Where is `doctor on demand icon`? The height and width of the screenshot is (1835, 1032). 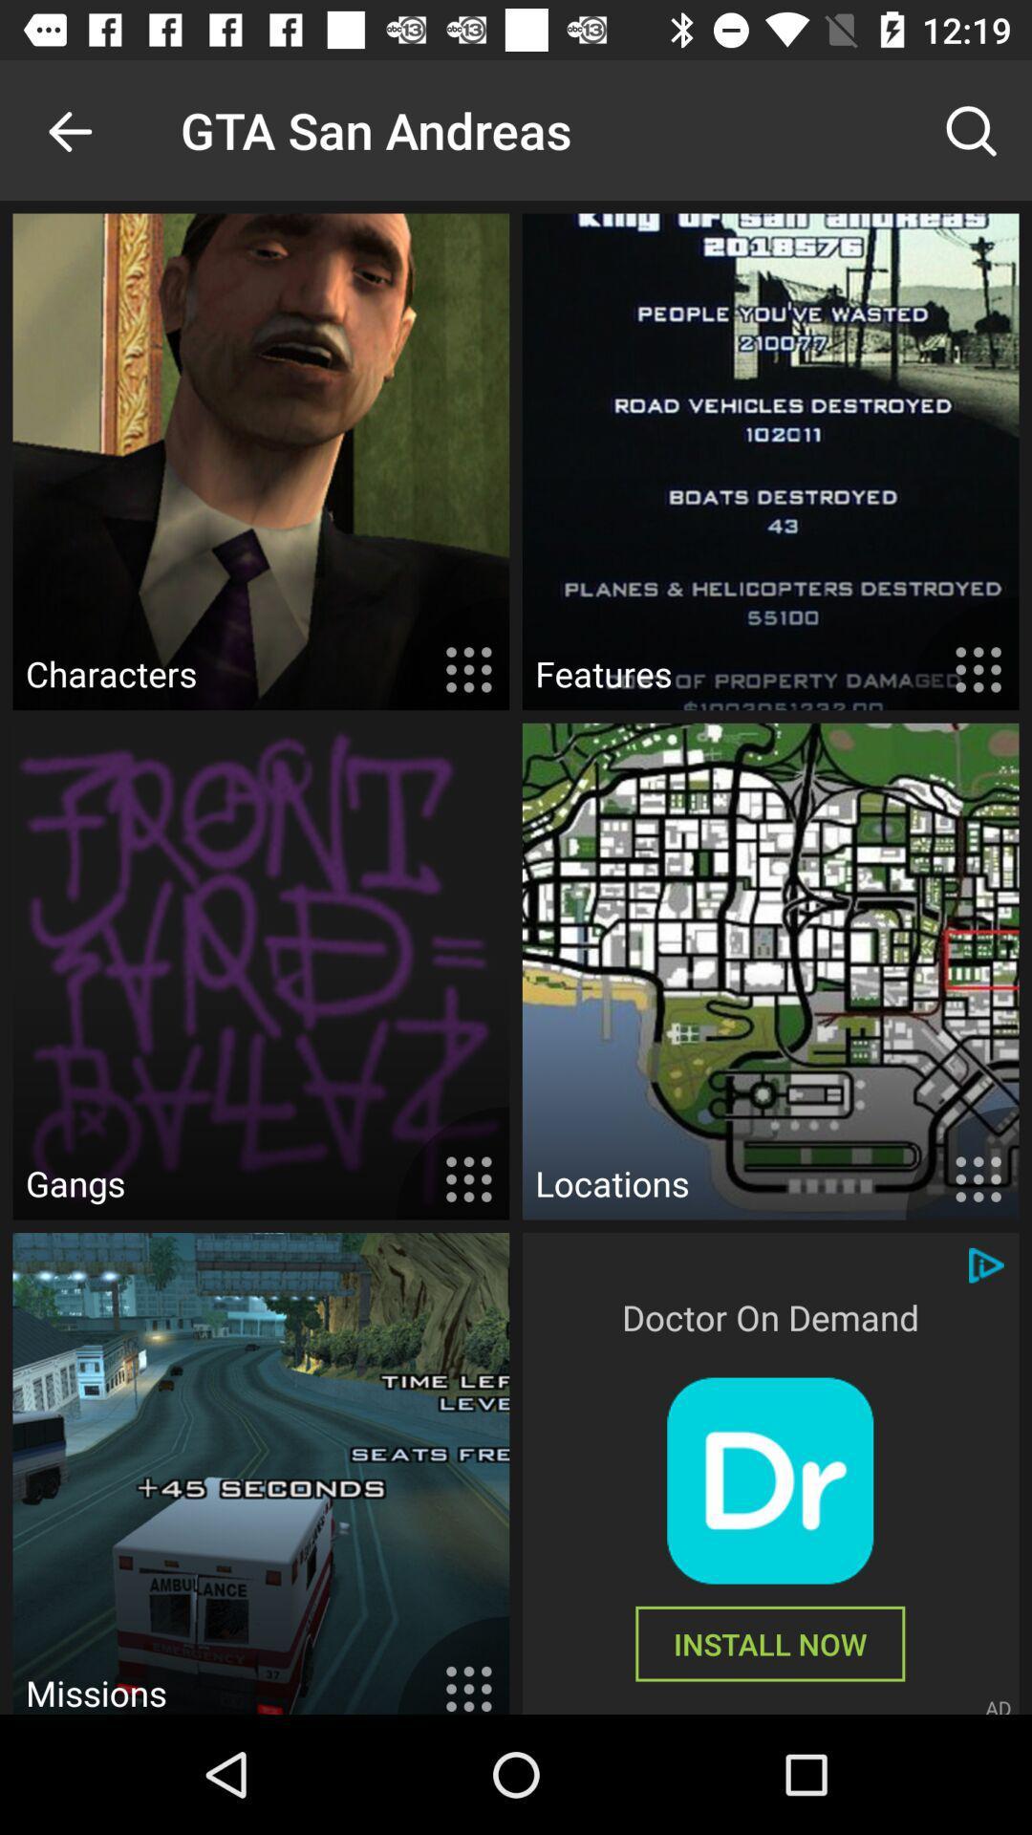
doctor on demand icon is located at coordinates (769, 1316).